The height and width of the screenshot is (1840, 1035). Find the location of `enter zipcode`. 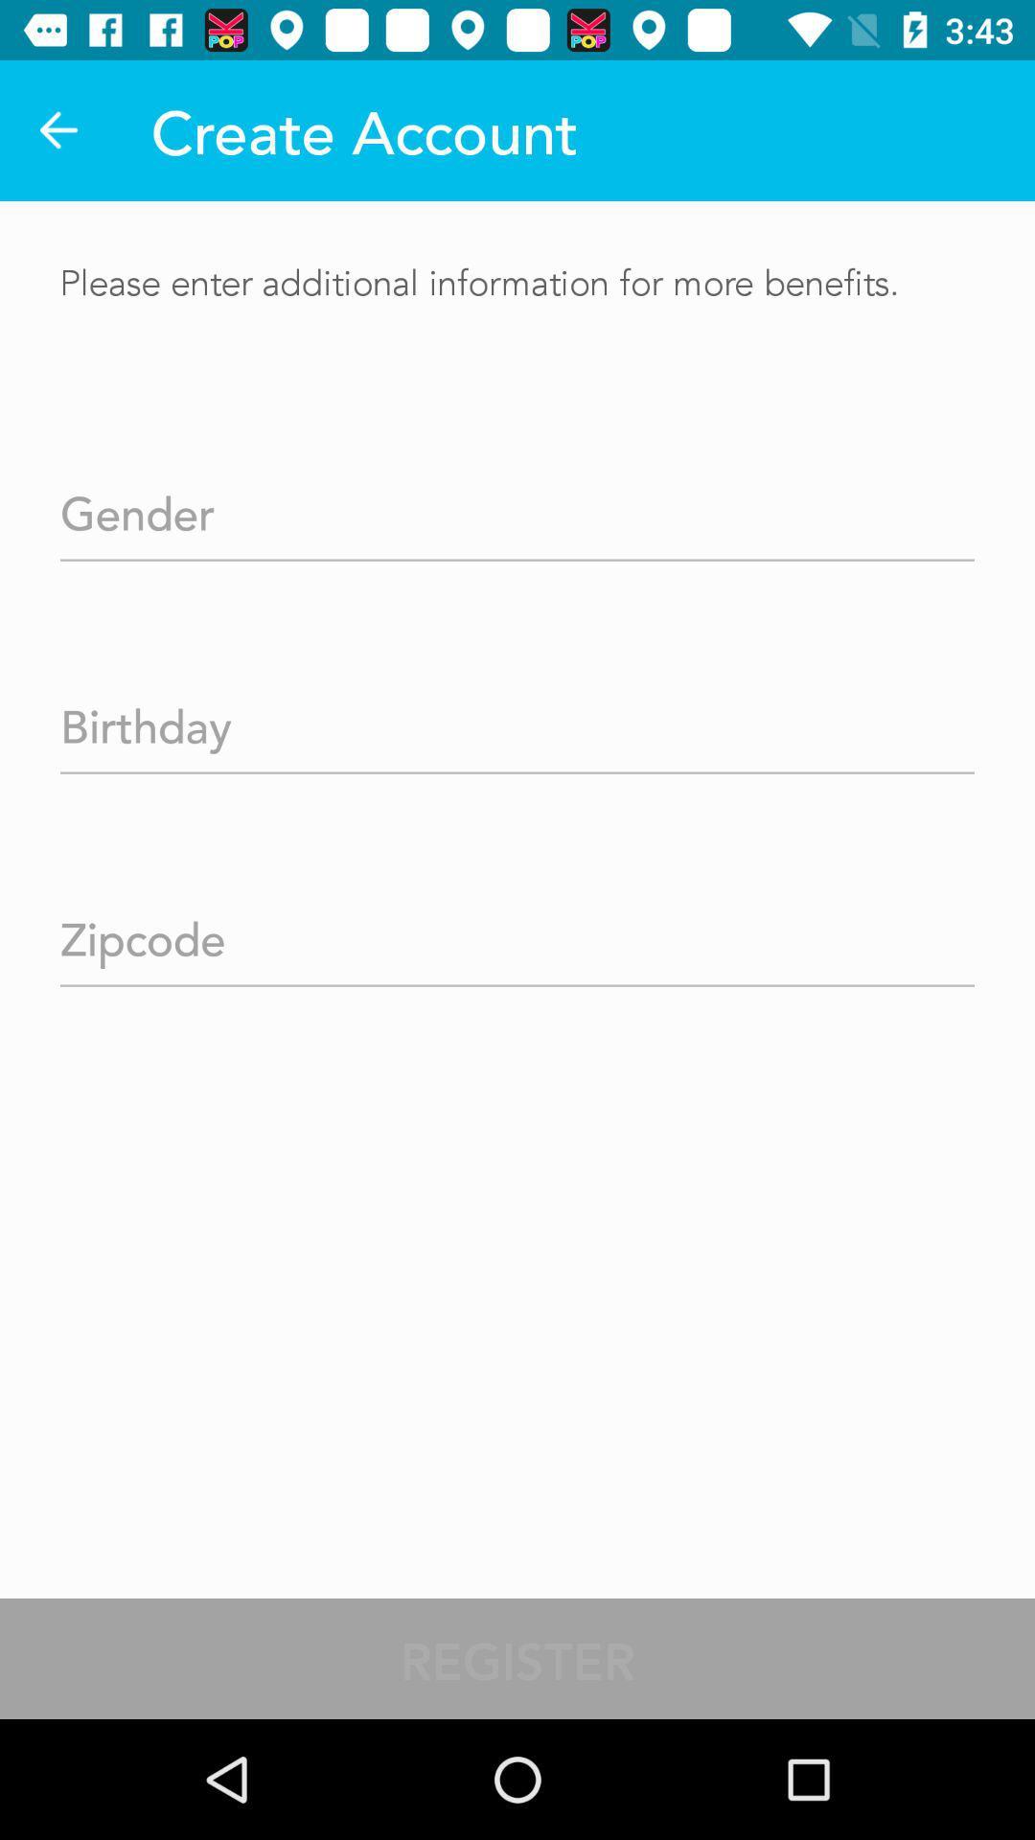

enter zipcode is located at coordinates (517, 932).